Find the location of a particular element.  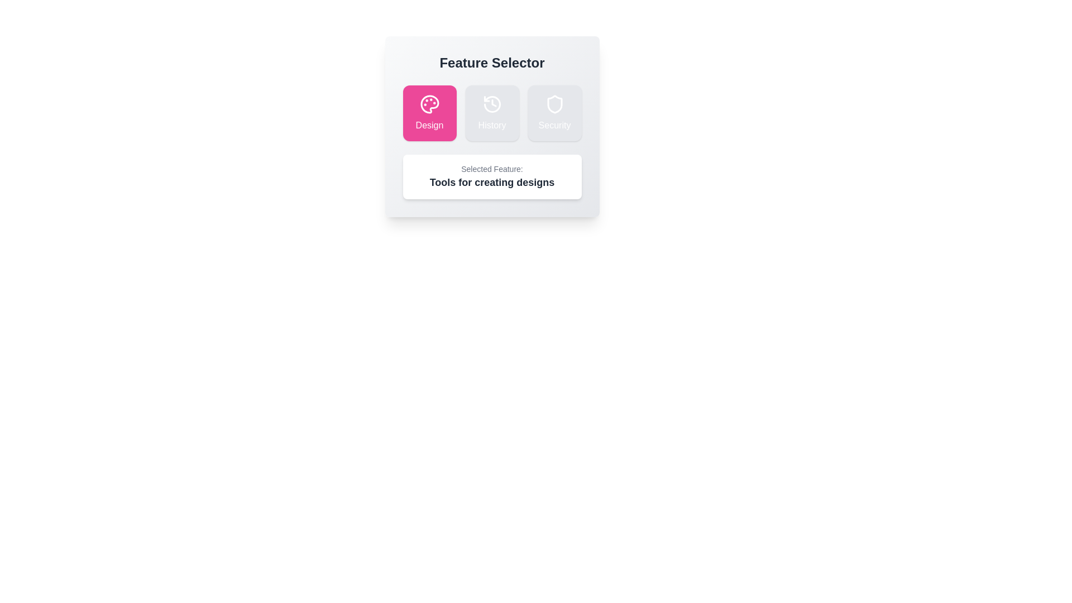

the feature Design by clicking its button is located at coordinates (429, 113).